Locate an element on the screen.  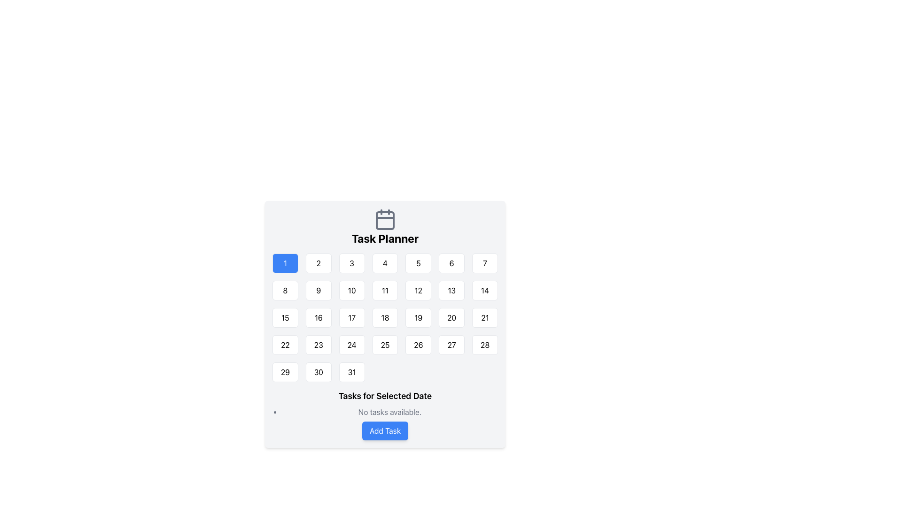
the text displaying 'No tasks available.' which is styled in a lighter gray tone and positioned within a bulleted list, located between the header 'Tasks for Selected Date' and the 'Add Task' button is located at coordinates (385, 412).